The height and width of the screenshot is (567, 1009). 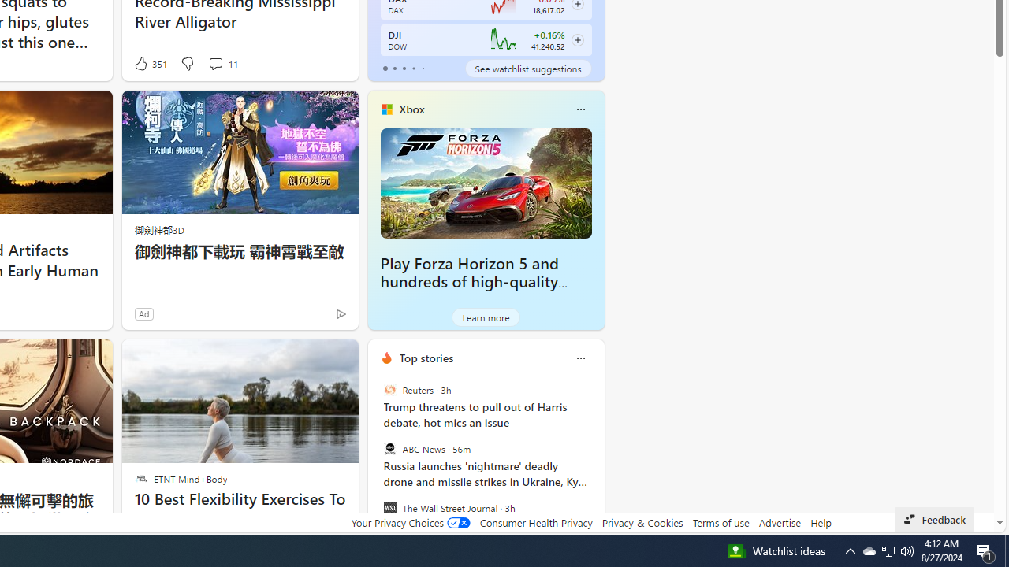 I want to click on 'Xbox', so click(x=411, y=109).